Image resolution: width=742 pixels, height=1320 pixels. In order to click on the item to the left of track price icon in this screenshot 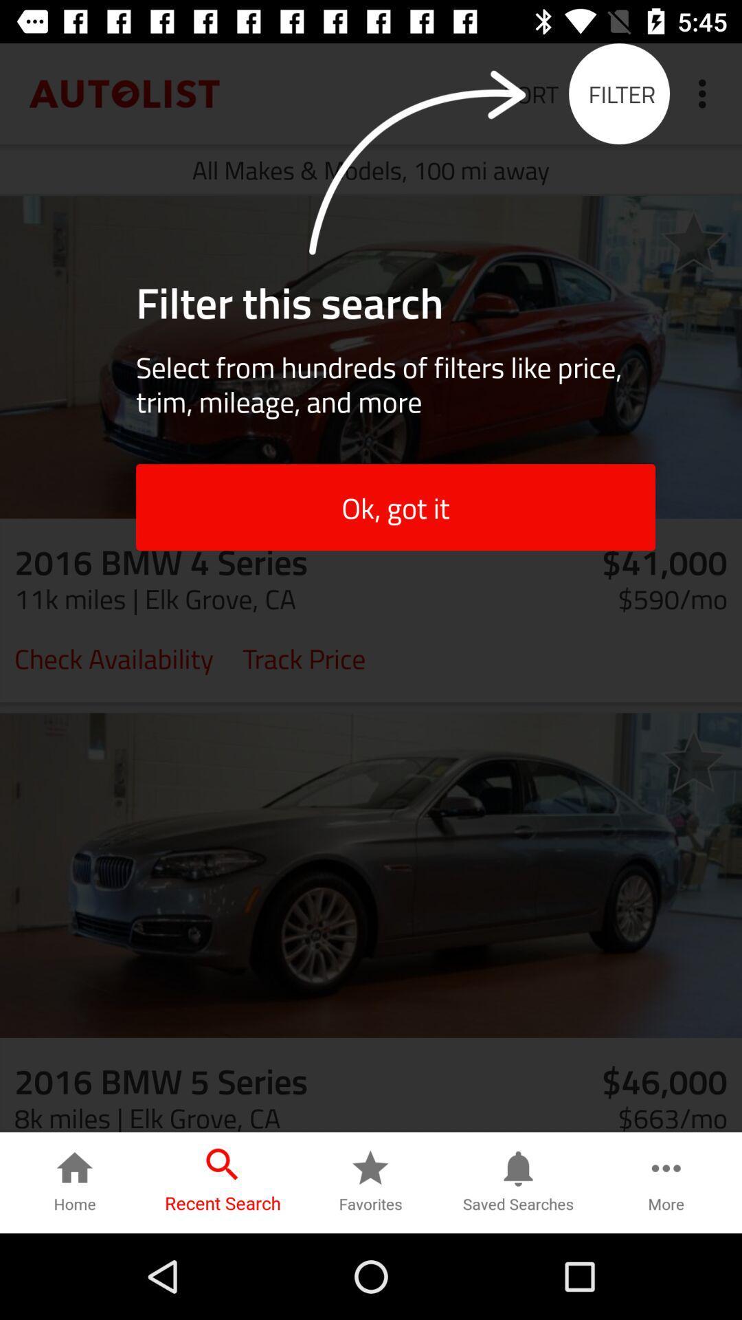, I will do `click(113, 657)`.